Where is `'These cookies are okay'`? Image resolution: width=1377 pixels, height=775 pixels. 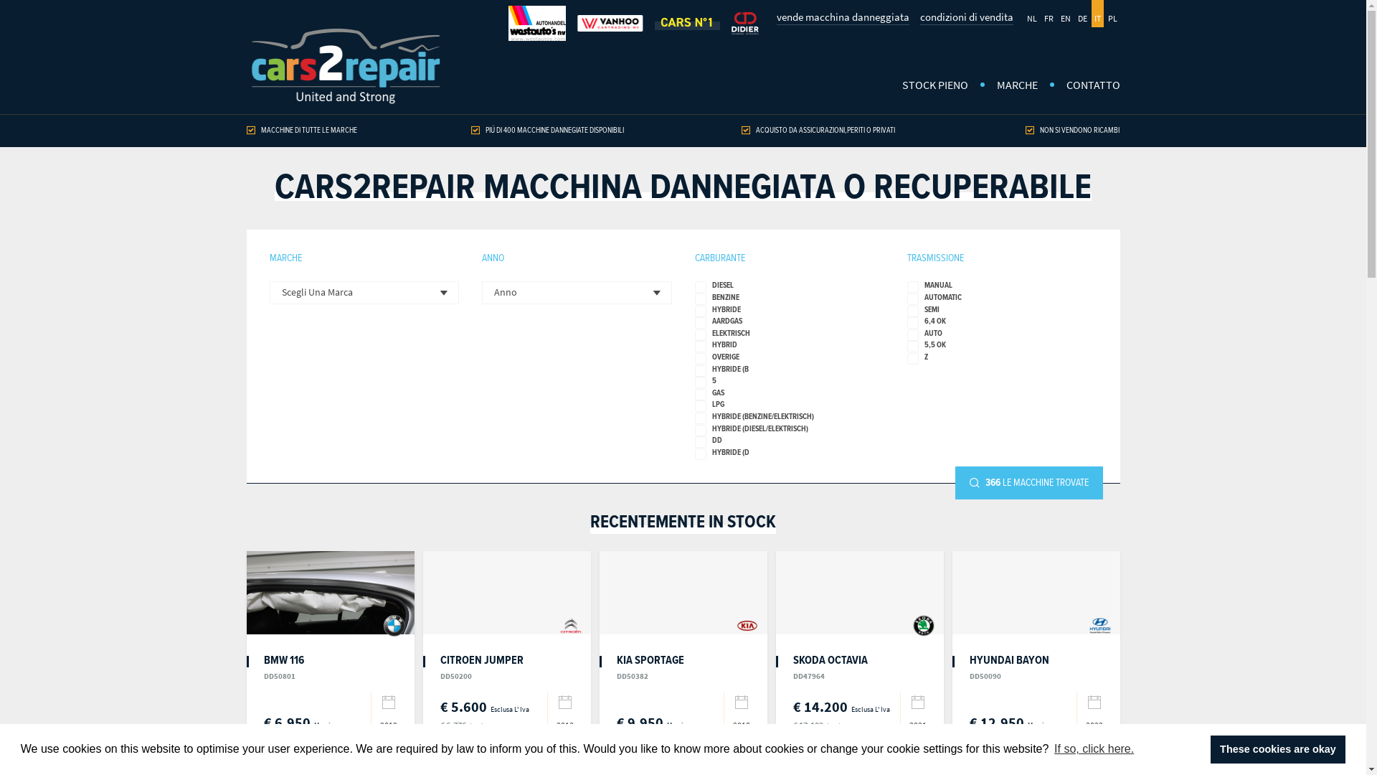
'These cookies are okay' is located at coordinates (1278, 748).